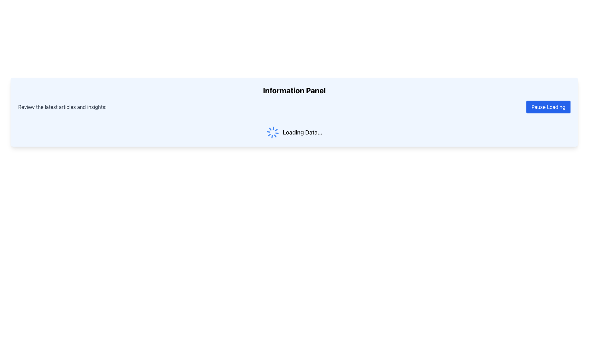 The image size is (614, 345). What do you see at coordinates (294, 128) in the screenshot?
I see `the Loader indicating data is being loaded` at bounding box center [294, 128].